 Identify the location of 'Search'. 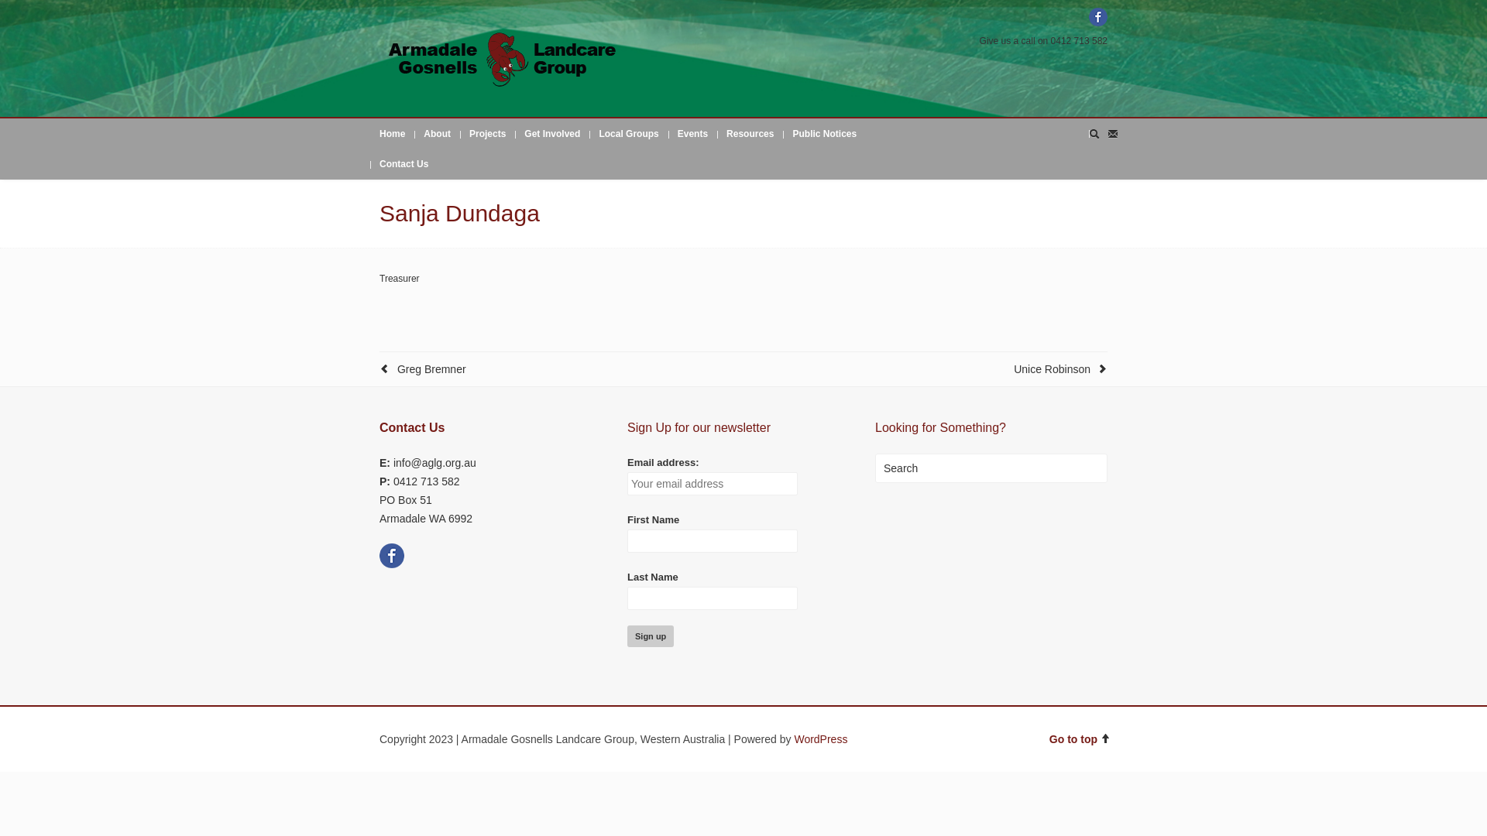
(991, 468).